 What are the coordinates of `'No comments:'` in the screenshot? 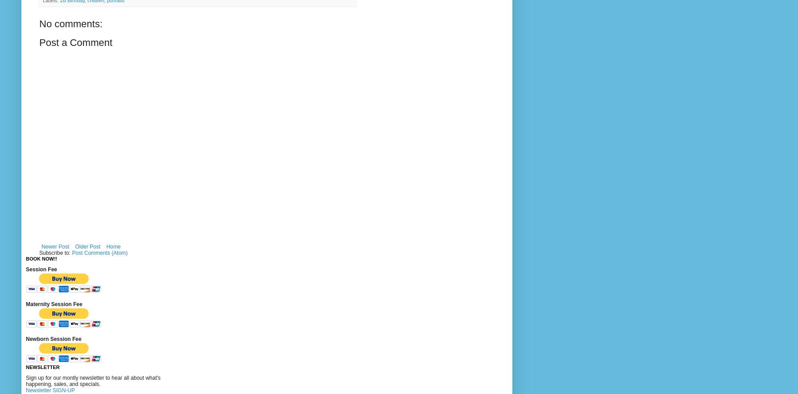 It's located at (71, 23).